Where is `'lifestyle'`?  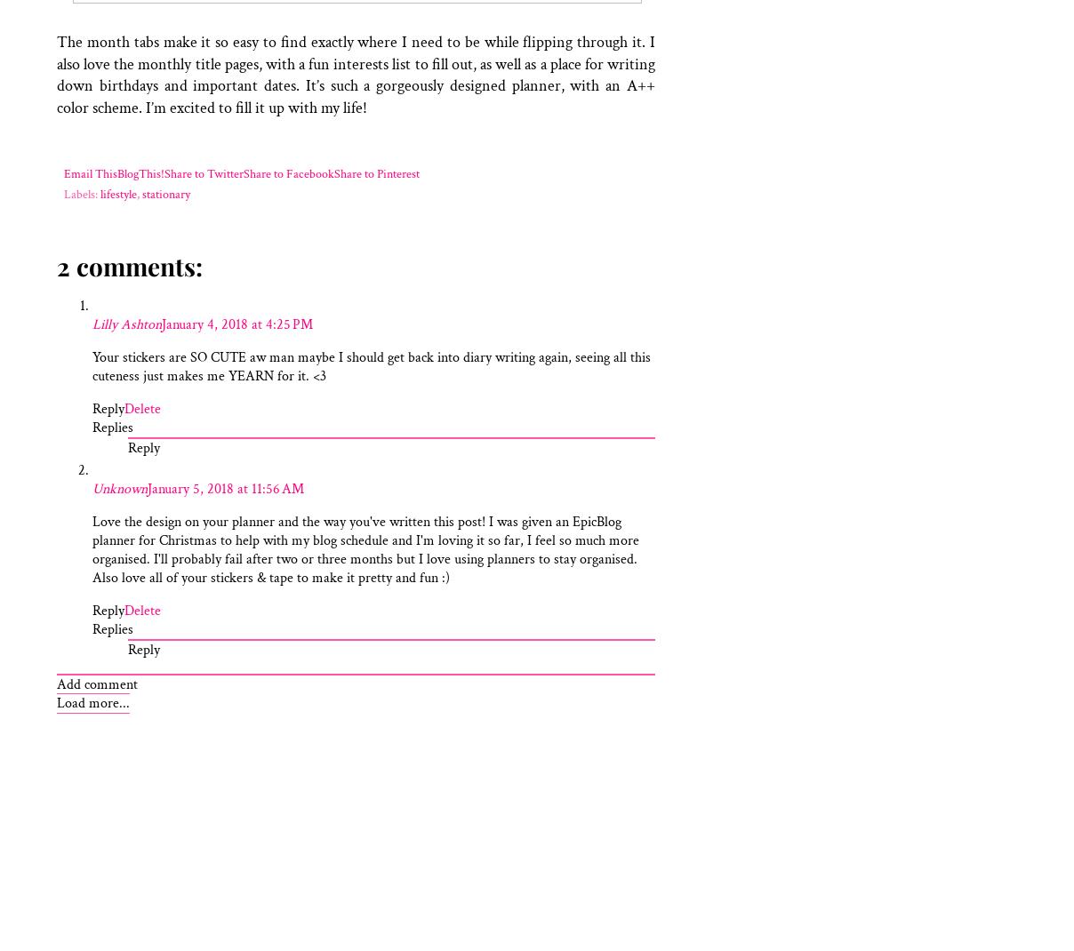
'lifestyle' is located at coordinates (117, 193).